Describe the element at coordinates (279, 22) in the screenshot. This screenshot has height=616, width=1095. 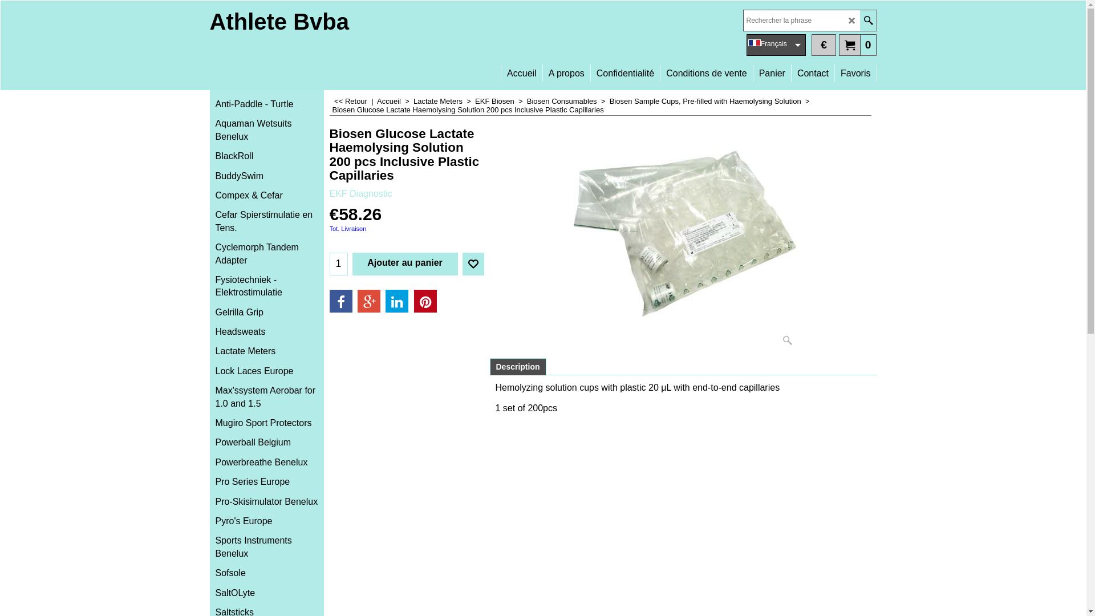
I see `'Athlete Bvba'` at that location.